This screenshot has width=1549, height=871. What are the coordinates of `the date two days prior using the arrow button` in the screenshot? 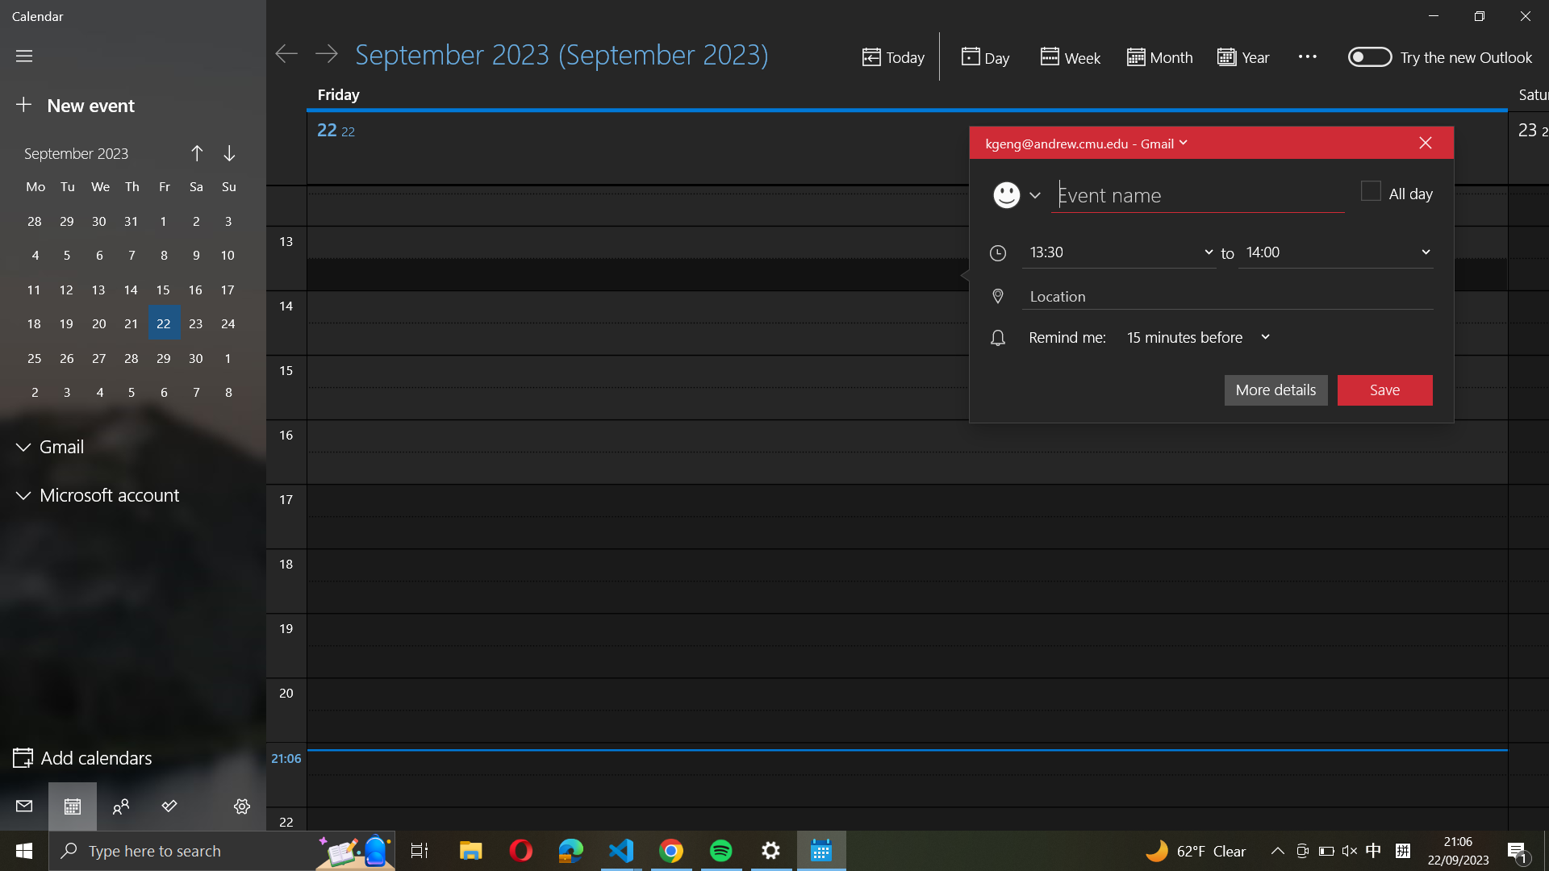 It's located at (286, 52).